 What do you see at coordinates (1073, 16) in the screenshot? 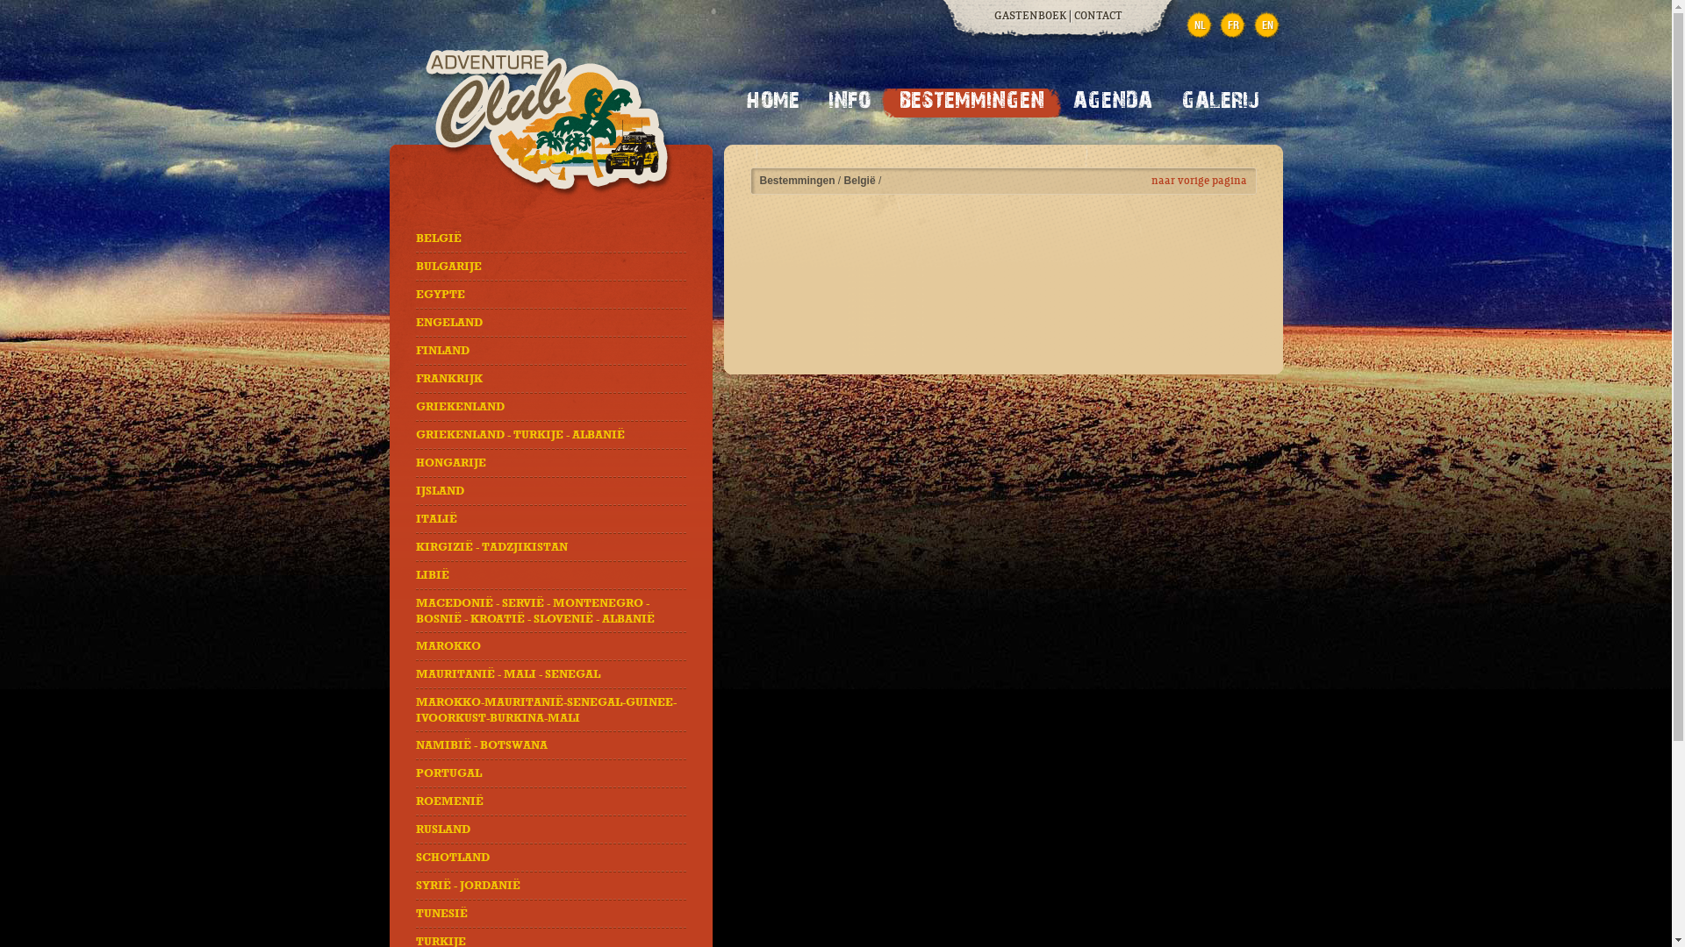
I see `'CONTACT'` at bounding box center [1073, 16].